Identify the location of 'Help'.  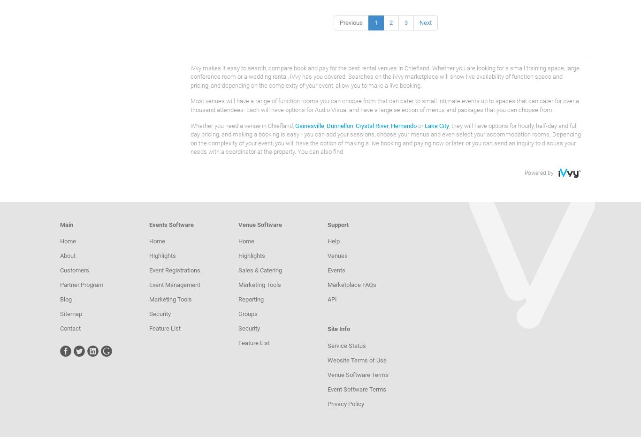
(334, 241).